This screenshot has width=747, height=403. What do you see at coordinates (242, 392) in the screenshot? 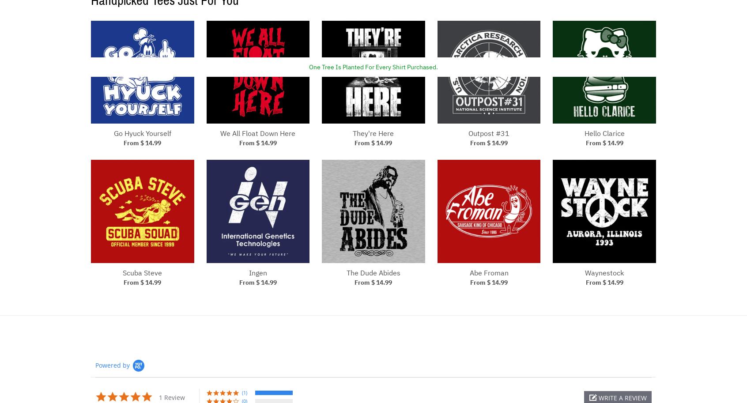
I see `'(1)'` at bounding box center [242, 392].